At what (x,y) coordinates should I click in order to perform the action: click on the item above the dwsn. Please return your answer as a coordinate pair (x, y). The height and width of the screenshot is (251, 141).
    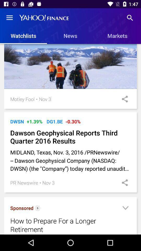
    Looking at the image, I should click on (71, 112).